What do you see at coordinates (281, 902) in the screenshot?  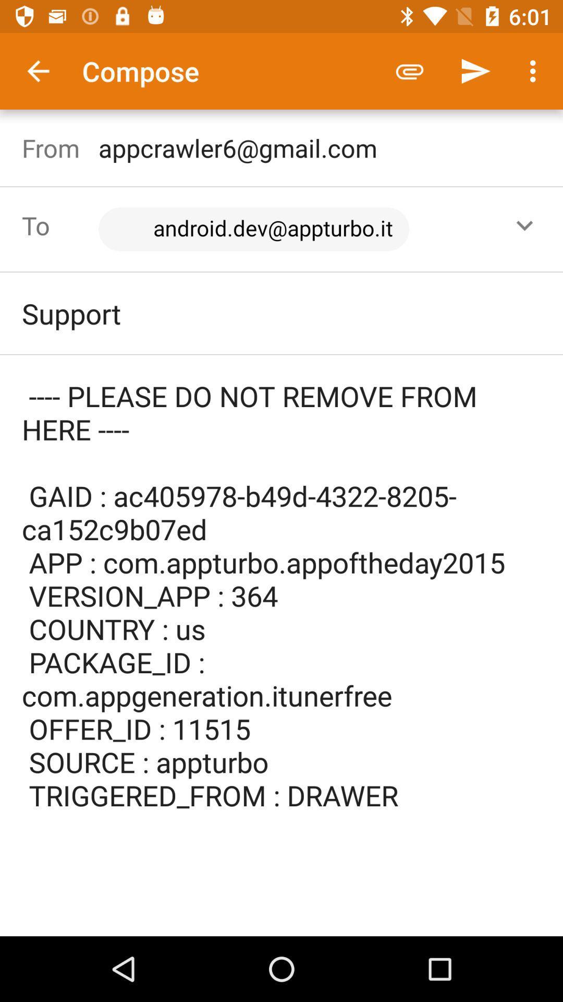 I see `the icon below the please do not` at bounding box center [281, 902].